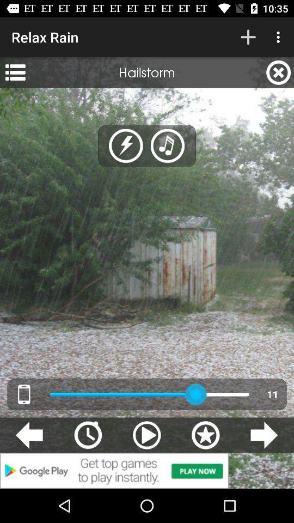  Describe the element at coordinates (168, 145) in the screenshot. I see `the app below hailstorm app` at that location.